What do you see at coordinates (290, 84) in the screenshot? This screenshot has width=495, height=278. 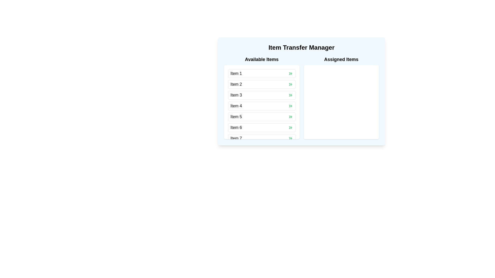 I see `the interactive green double-chevron right arrow icon beside 'Item 2' in the 'Available Items' section of the 'Item Transfer Manager' interface to transfer the item` at bounding box center [290, 84].